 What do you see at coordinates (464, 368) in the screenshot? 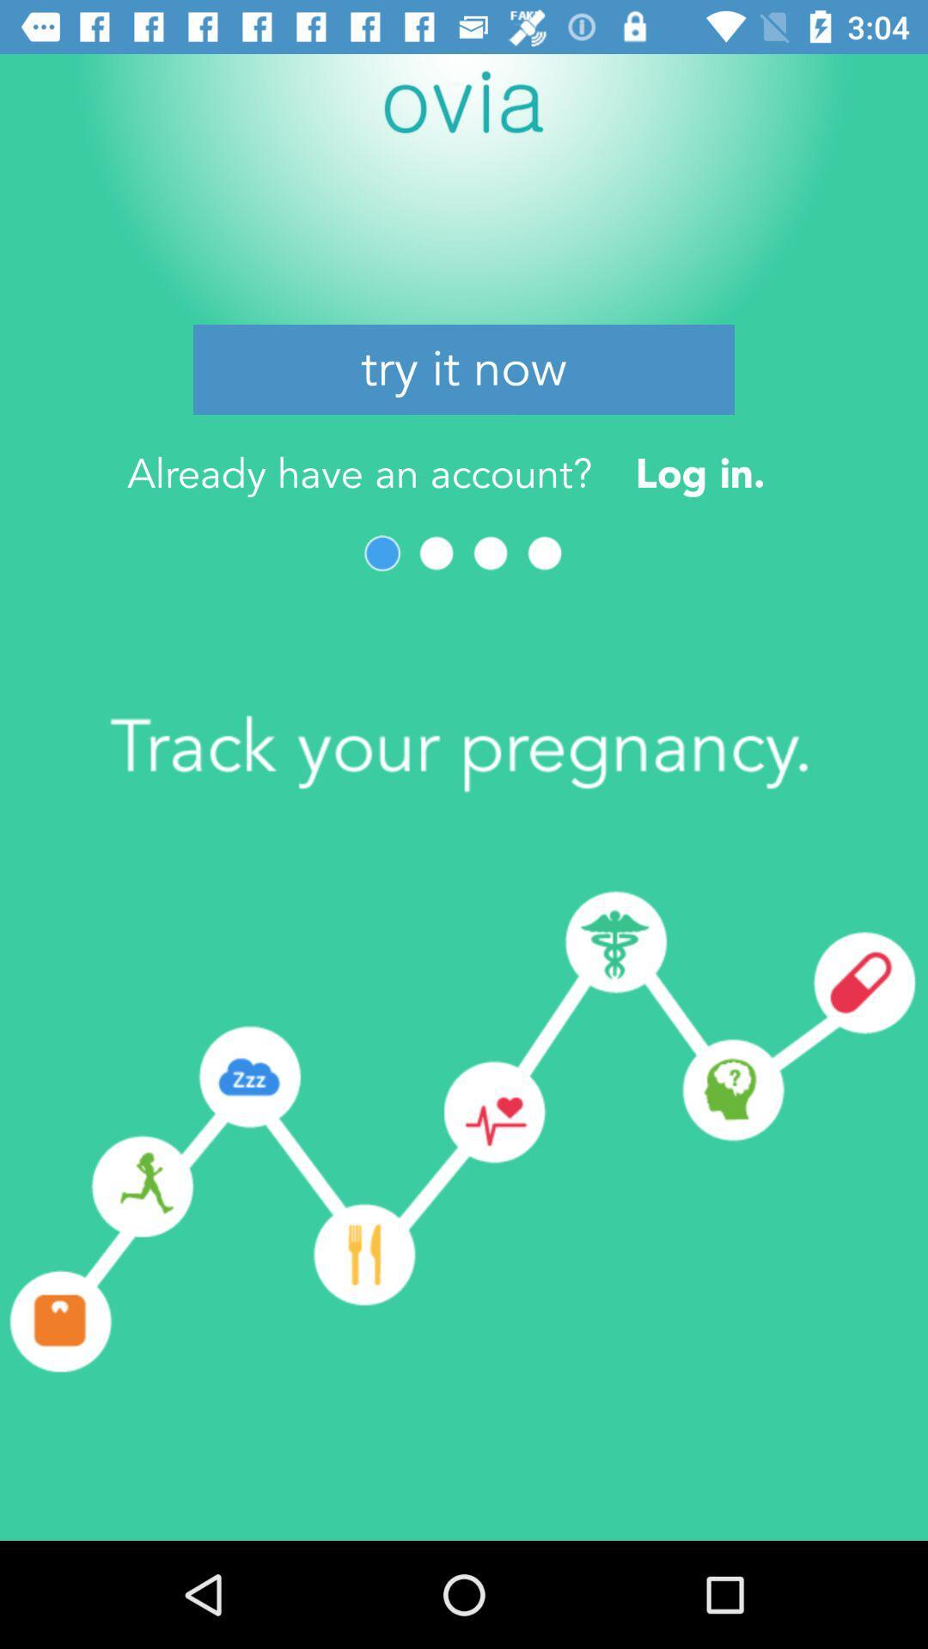
I see `the try it now item` at bounding box center [464, 368].